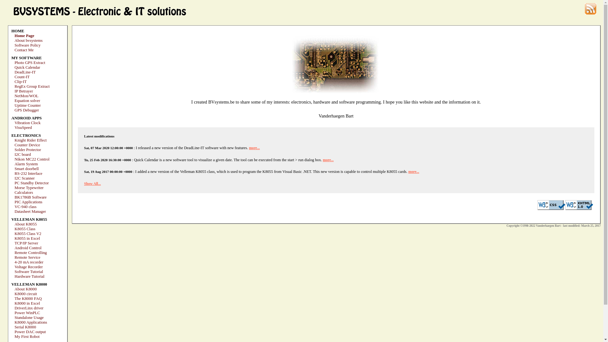 This screenshot has height=342, width=608. Describe the element at coordinates (28, 271) in the screenshot. I see `'Software Tutorial'` at that location.